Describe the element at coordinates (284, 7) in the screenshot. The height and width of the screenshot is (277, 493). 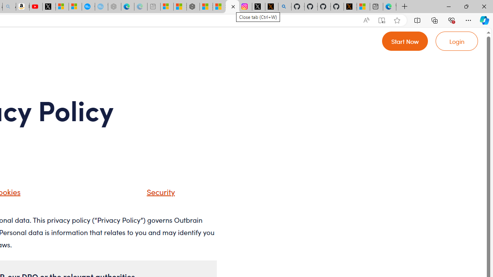
I see `'github - Search'` at that location.